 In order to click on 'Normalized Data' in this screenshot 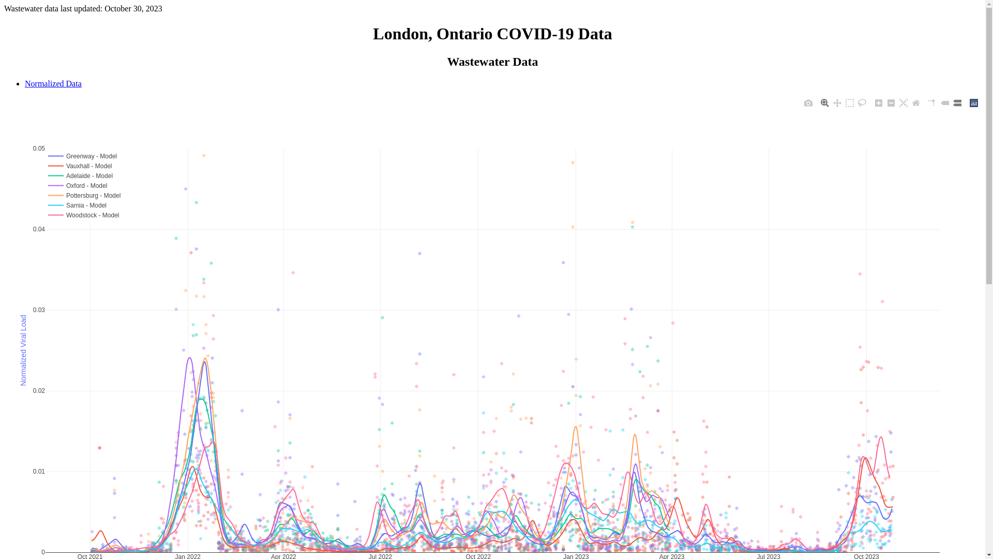, I will do `click(52, 83)`.